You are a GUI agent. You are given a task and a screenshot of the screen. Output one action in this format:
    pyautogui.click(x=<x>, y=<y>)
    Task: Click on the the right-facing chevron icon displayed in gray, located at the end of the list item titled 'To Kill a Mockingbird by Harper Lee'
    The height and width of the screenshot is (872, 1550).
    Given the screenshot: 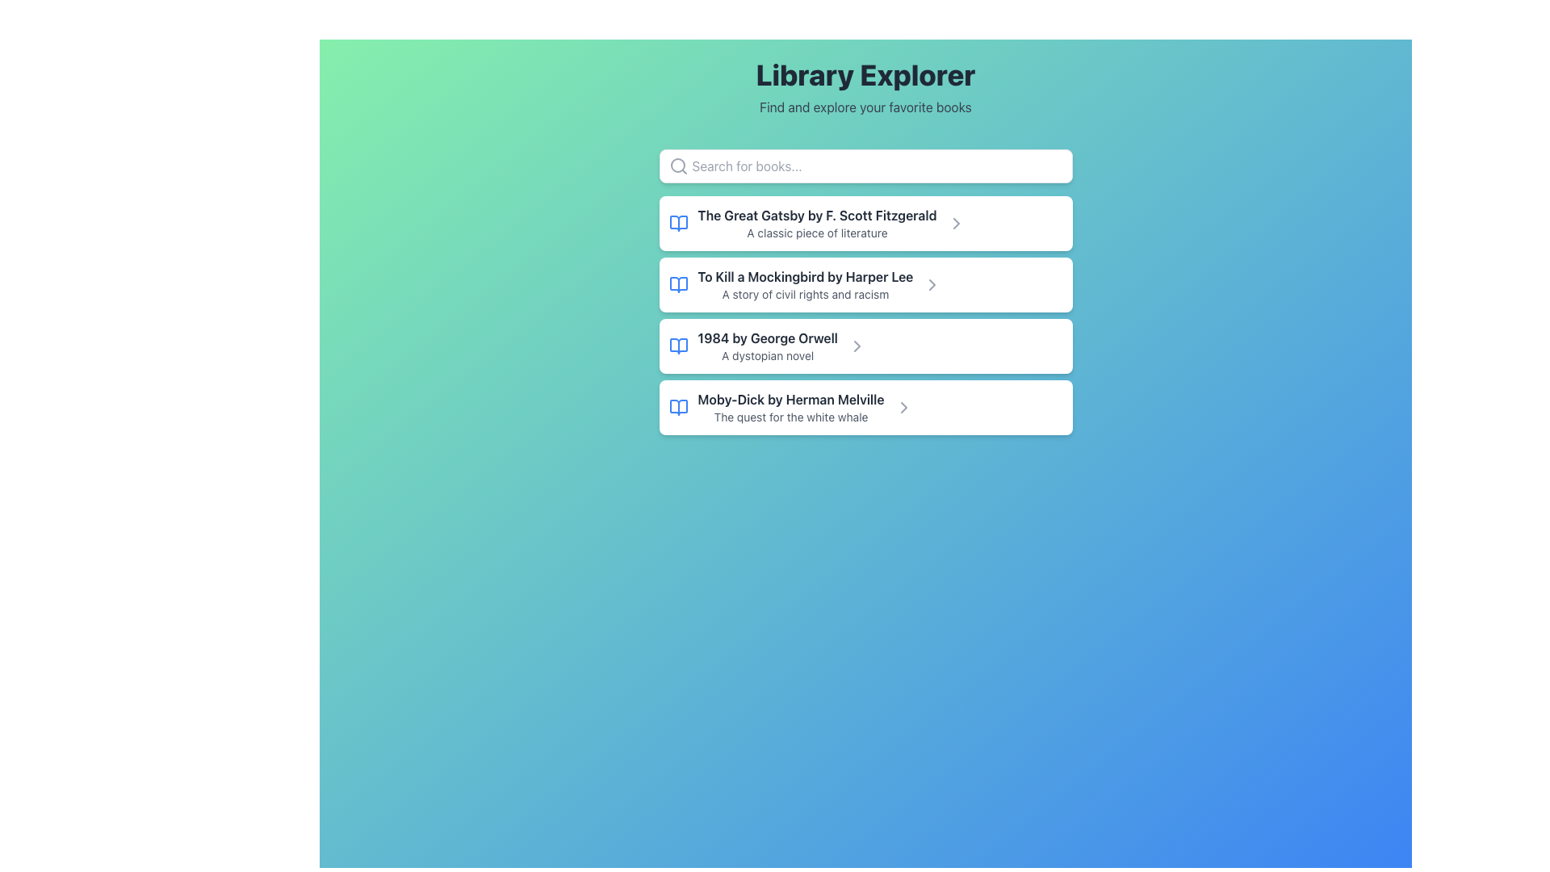 What is the action you would take?
    pyautogui.click(x=956, y=224)
    